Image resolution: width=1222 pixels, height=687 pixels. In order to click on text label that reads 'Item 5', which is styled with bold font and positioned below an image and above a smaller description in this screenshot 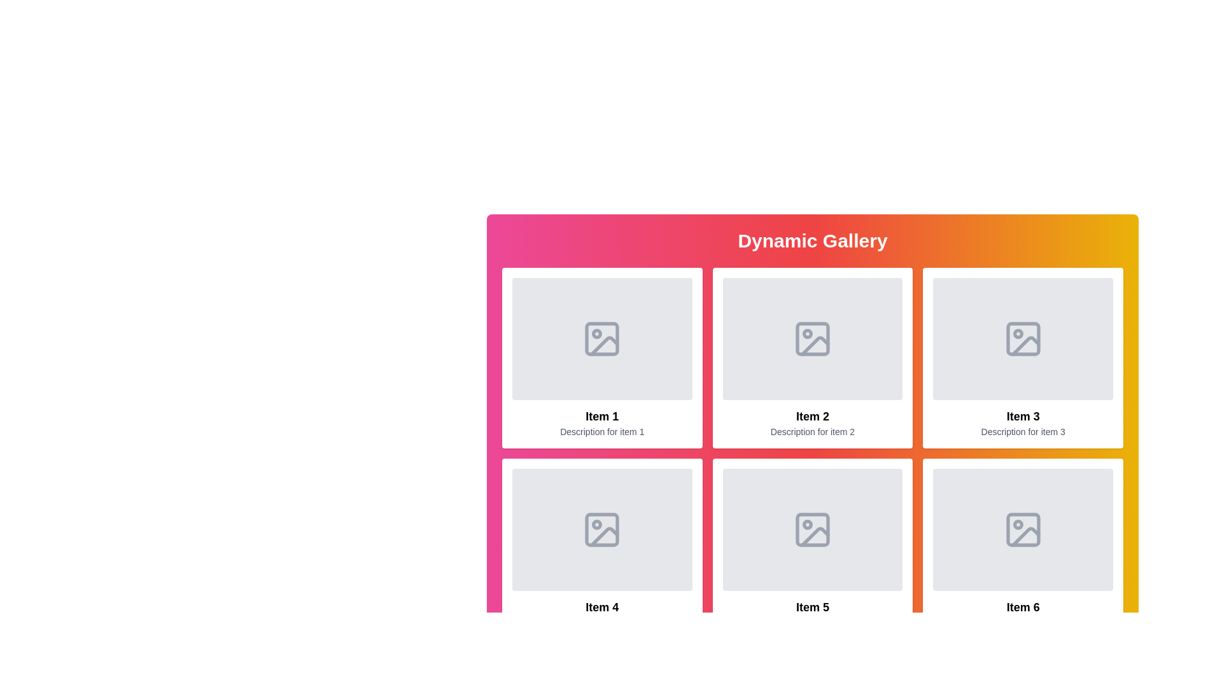, I will do `click(811, 607)`.